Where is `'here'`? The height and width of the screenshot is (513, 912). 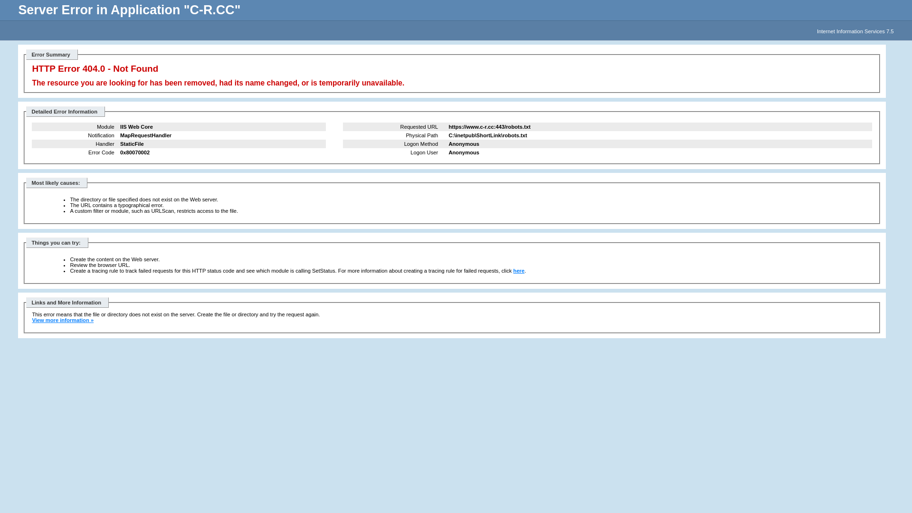
'here' is located at coordinates (513, 271).